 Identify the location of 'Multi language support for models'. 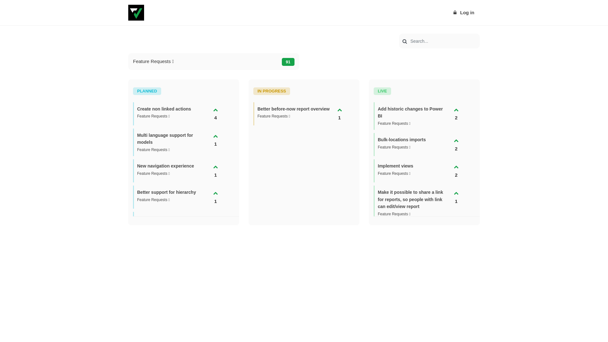
(165, 138).